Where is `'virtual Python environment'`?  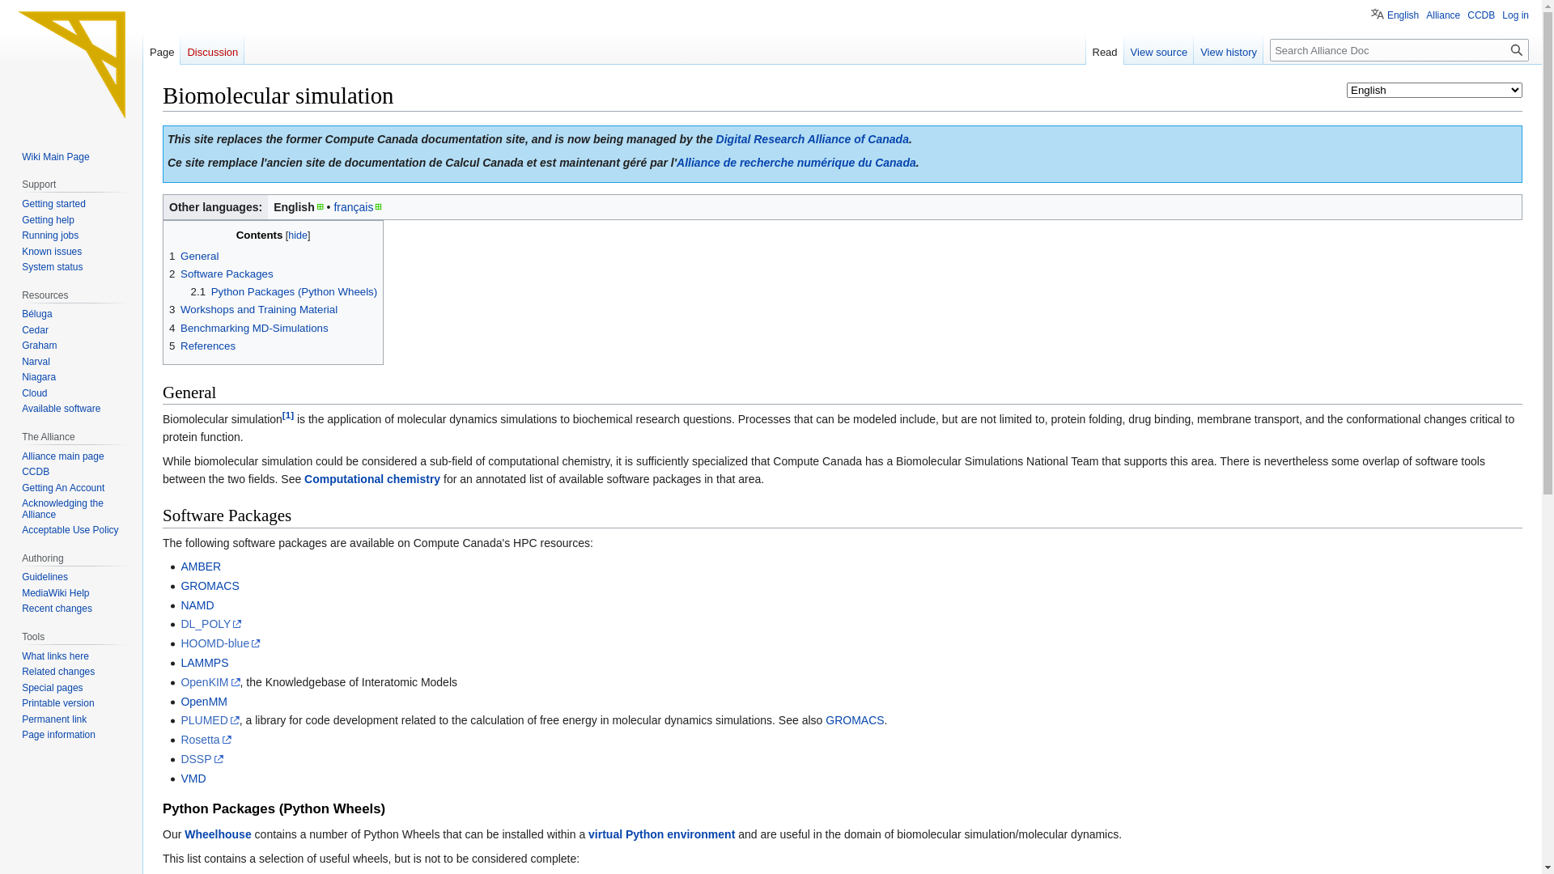 'virtual Python environment' is located at coordinates (661, 834).